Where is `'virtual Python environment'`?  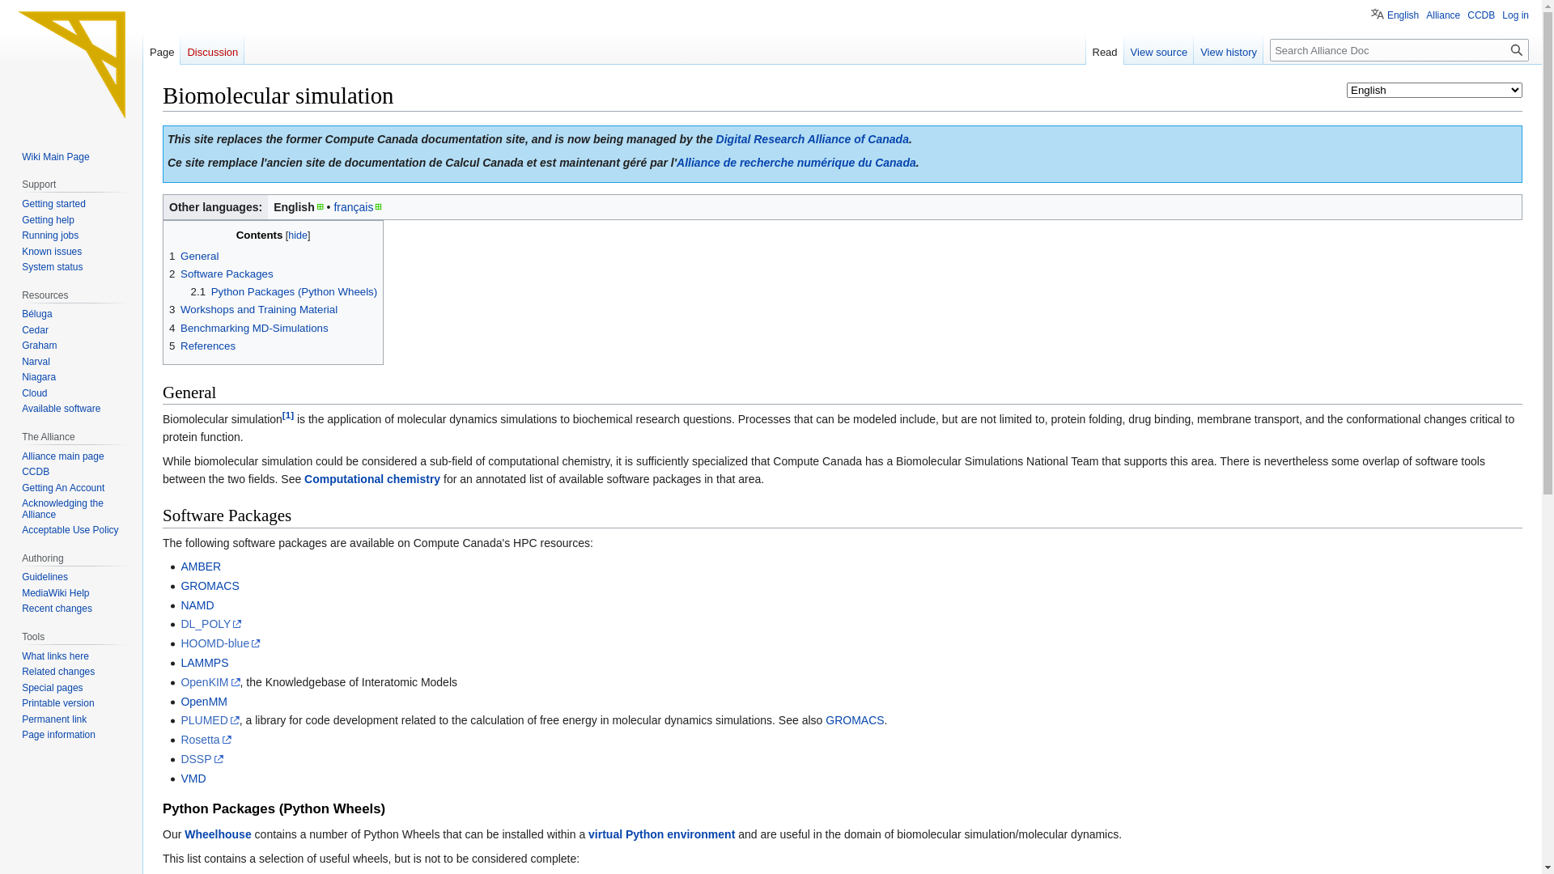 'virtual Python environment' is located at coordinates (661, 834).